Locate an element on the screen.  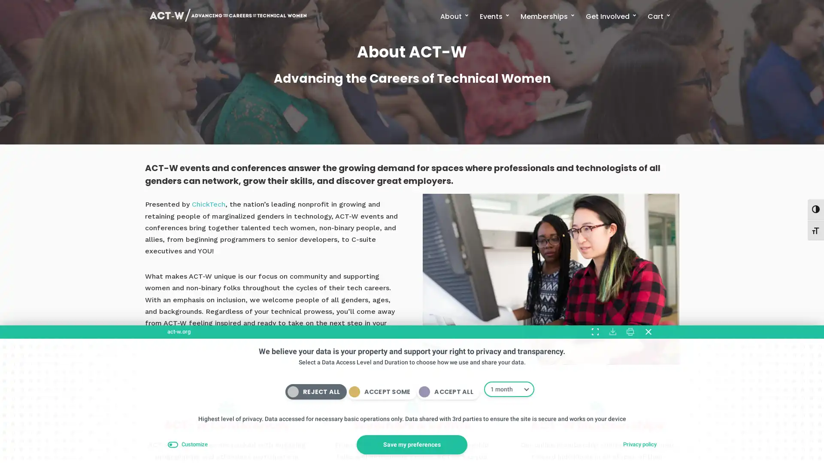
Privacy policy is located at coordinates (640, 444).